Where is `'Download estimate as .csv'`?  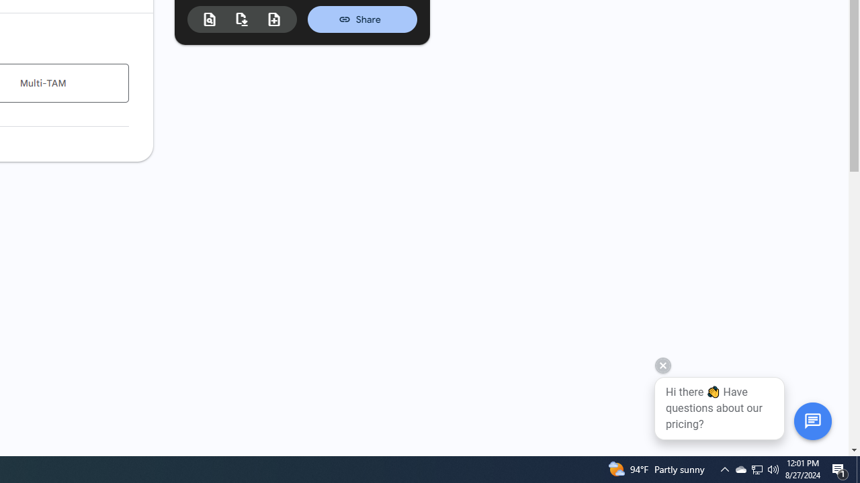 'Download estimate as .csv' is located at coordinates (242, 19).